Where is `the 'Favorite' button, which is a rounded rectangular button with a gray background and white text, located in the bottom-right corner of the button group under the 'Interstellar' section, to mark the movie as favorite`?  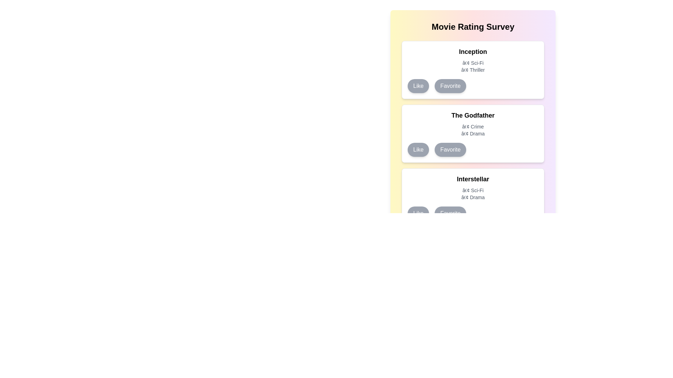
the 'Favorite' button, which is a rounded rectangular button with a gray background and white text, located in the bottom-right corner of the button group under the 'Interstellar' section, to mark the movie as favorite is located at coordinates (450, 213).